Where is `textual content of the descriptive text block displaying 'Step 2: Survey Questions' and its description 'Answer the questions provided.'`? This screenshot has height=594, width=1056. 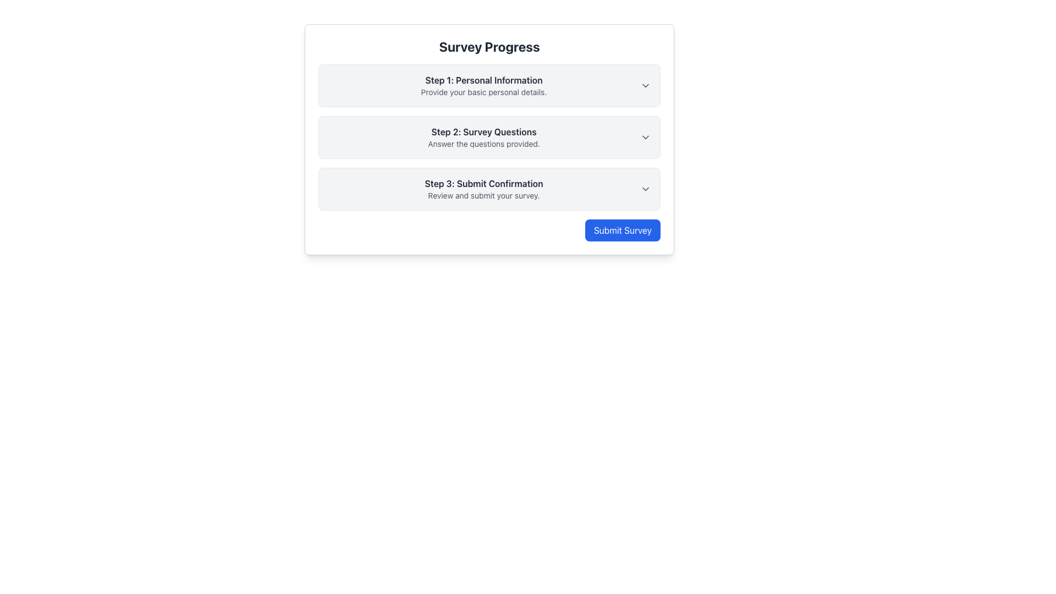
textual content of the descriptive text block displaying 'Step 2: Survey Questions' and its description 'Answer the questions provided.' is located at coordinates (483, 137).